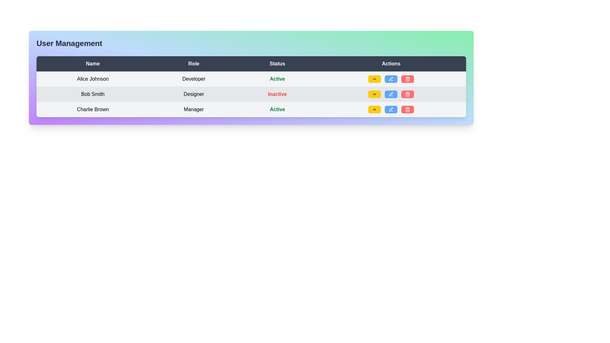  I want to click on the delete button with a trash can icon, styled with a red background, located in the 'Actions' column for 'Charlie Brown' to change its background color, so click(408, 109).